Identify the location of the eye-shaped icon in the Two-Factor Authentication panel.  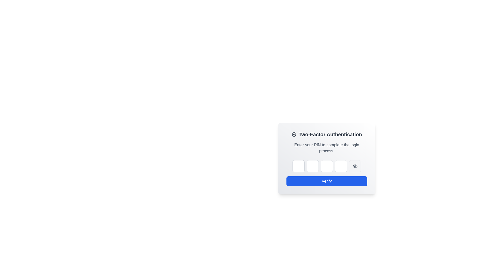
(355, 166).